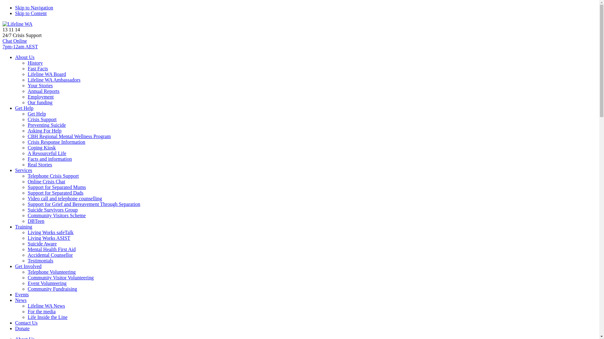 This screenshot has width=604, height=339. What do you see at coordinates (46, 181) in the screenshot?
I see `'Online Crisis Chat'` at bounding box center [46, 181].